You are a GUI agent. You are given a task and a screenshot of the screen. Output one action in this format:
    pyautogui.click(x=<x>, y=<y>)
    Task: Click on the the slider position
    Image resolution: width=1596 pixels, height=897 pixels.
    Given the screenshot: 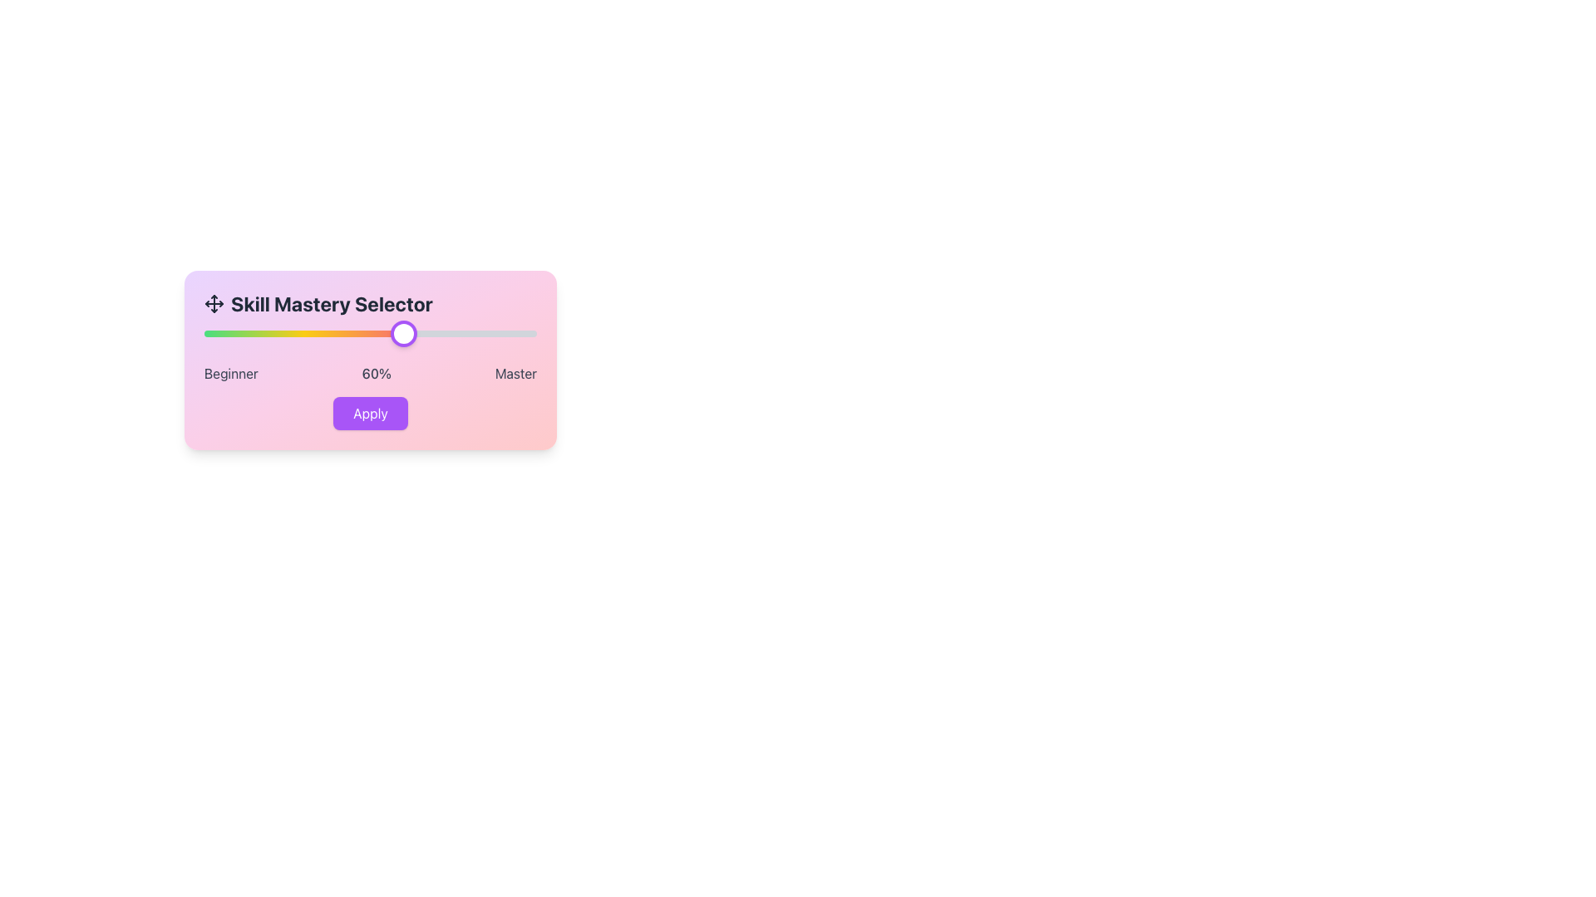 What is the action you would take?
    pyautogui.click(x=474, y=333)
    